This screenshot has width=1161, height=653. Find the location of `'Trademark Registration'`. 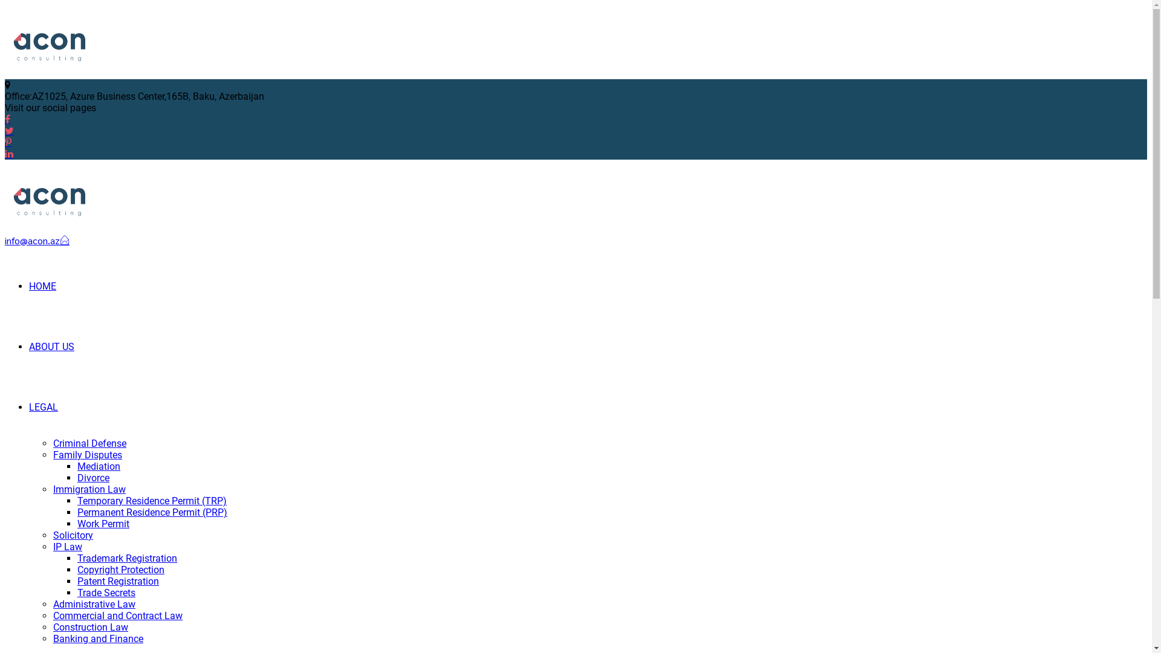

'Trademark Registration' is located at coordinates (127, 558).